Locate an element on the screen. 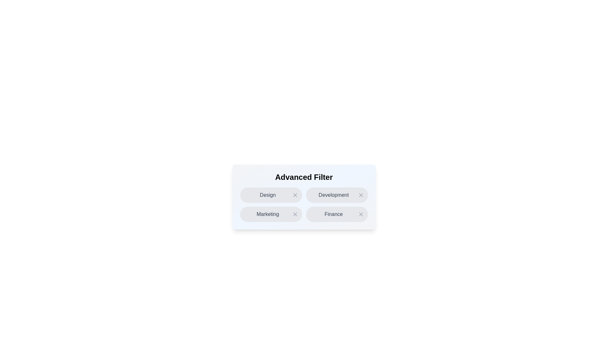  the chip labeled Finance is located at coordinates (336, 214).